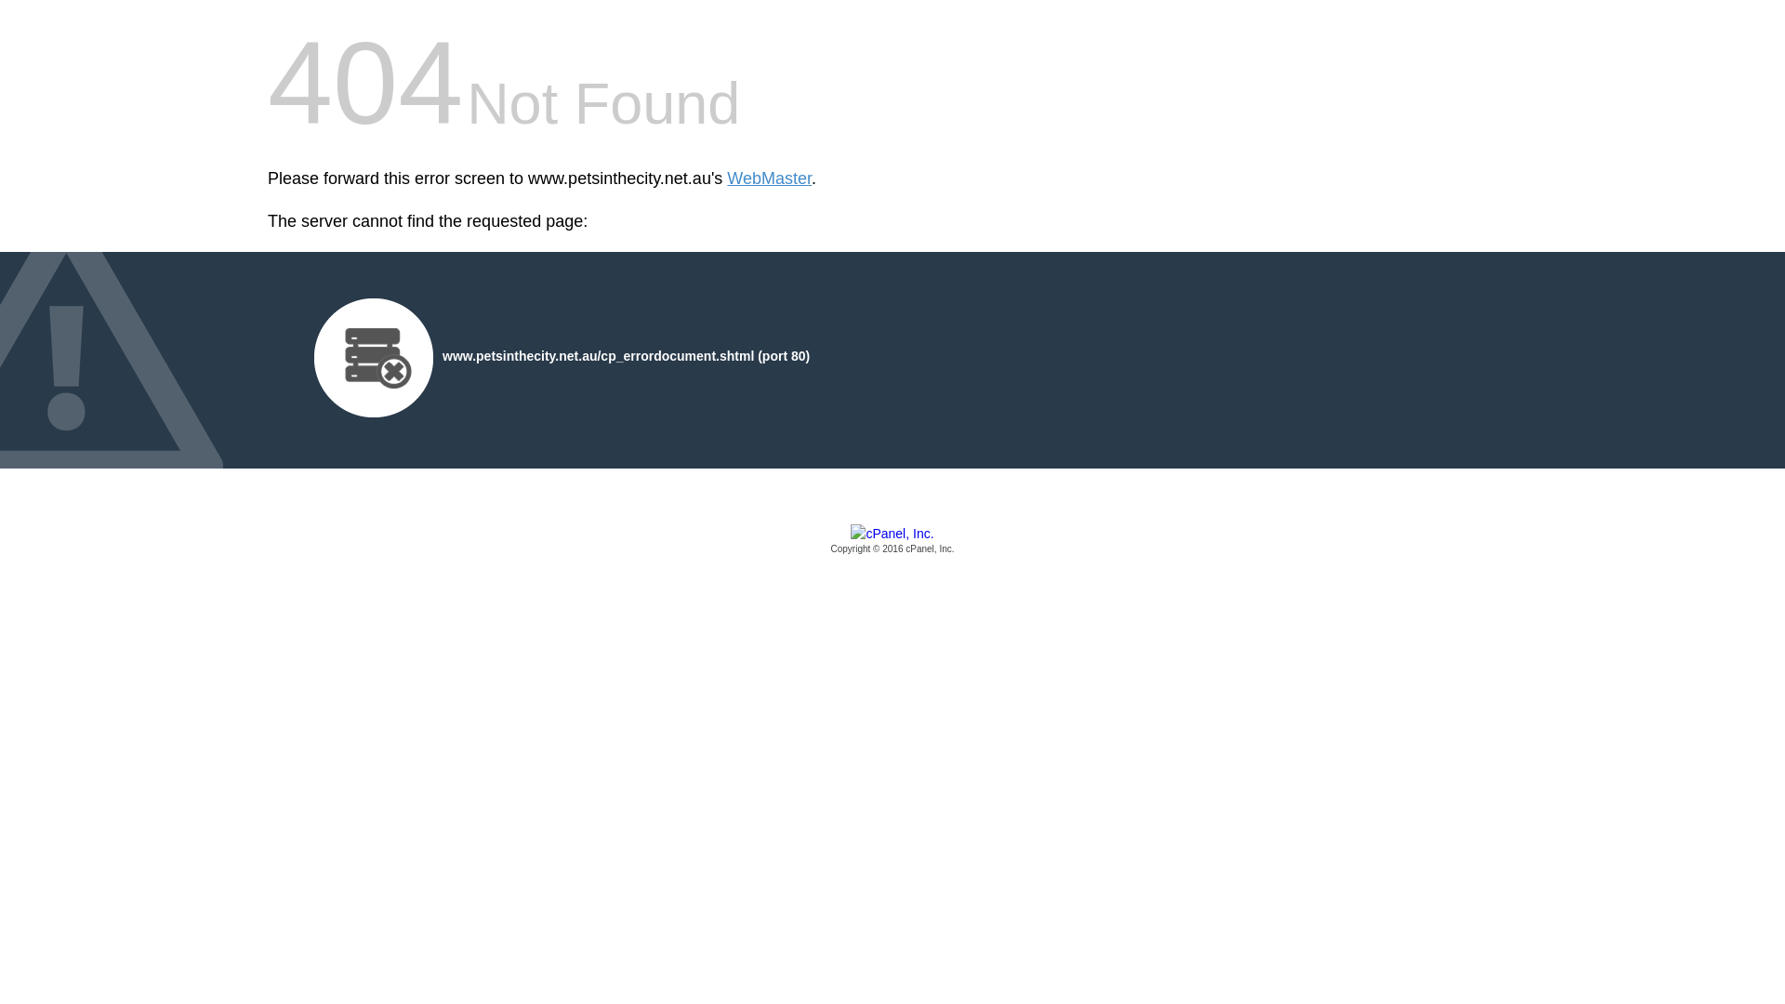  I want to click on 'WebMaster', so click(769, 178).